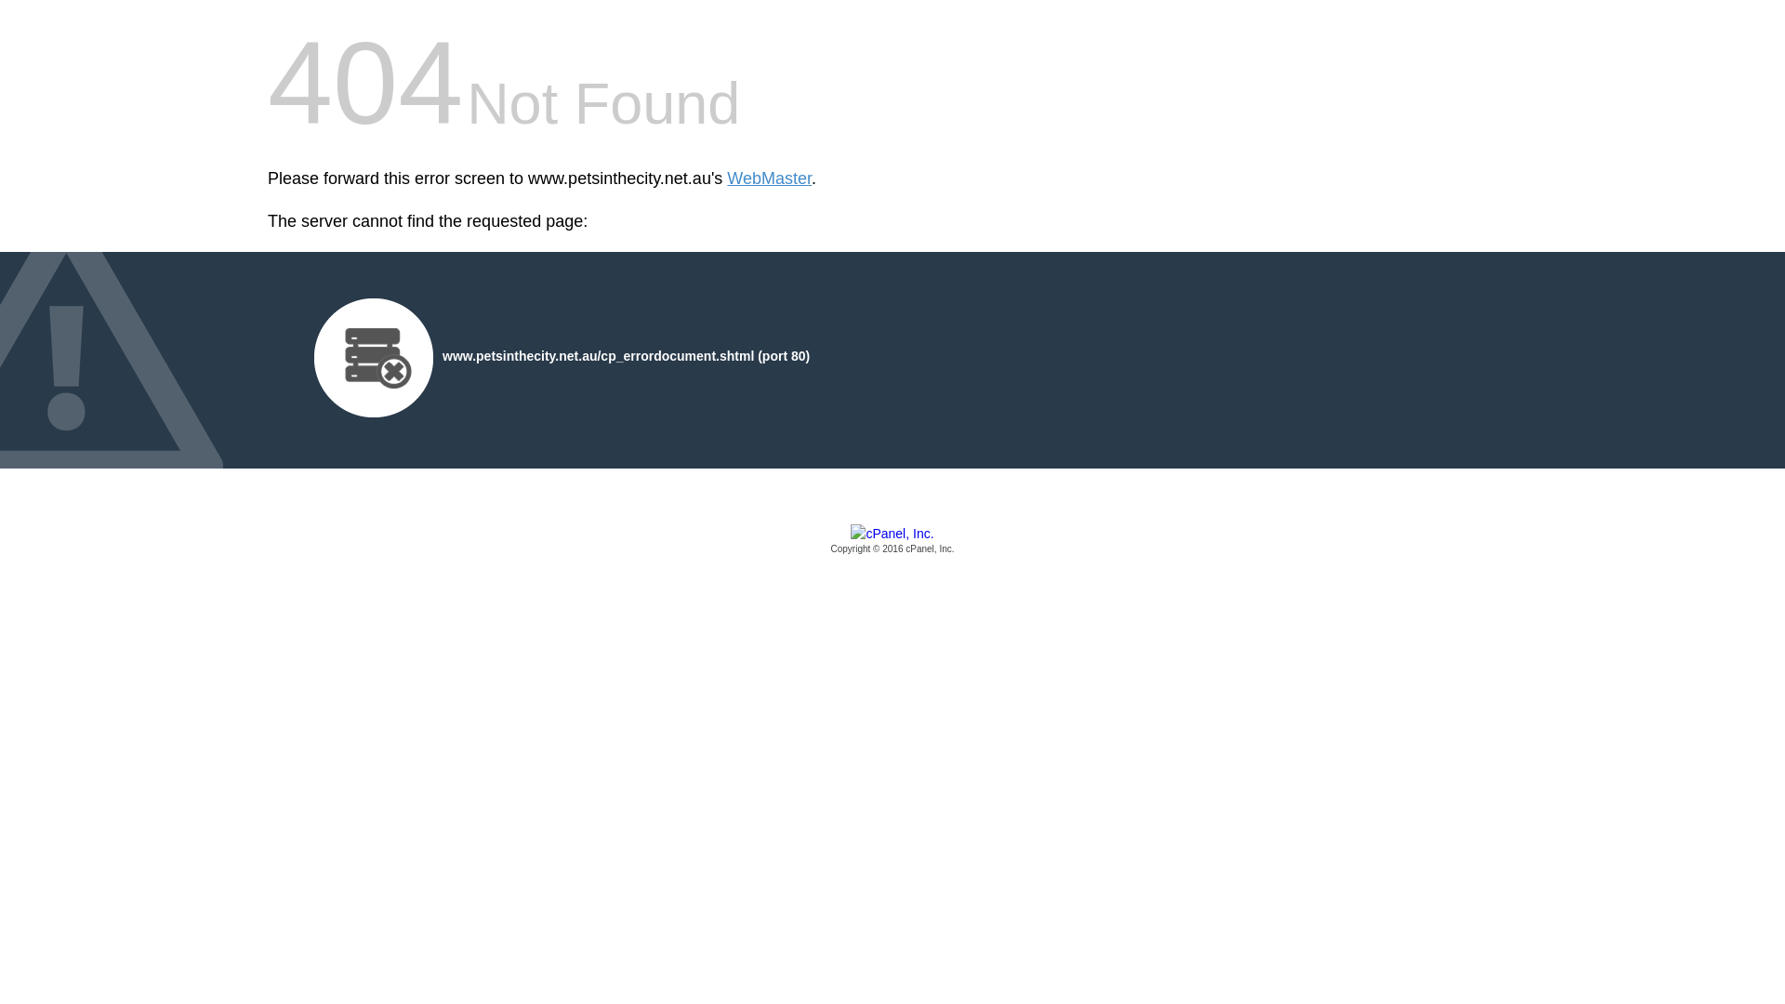  I want to click on 'WebMaster', so click(769, 178).